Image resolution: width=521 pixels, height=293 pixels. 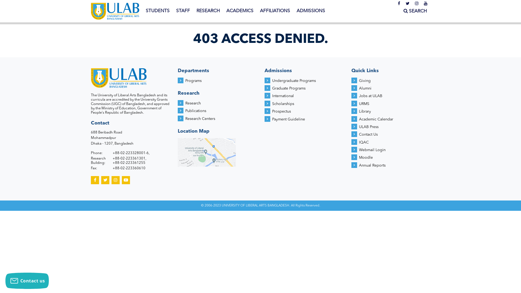 What do you see at coordinates (239, 11) in the screenshot?
I see `'ACADEMICS'` at bounding box center [239, 11].